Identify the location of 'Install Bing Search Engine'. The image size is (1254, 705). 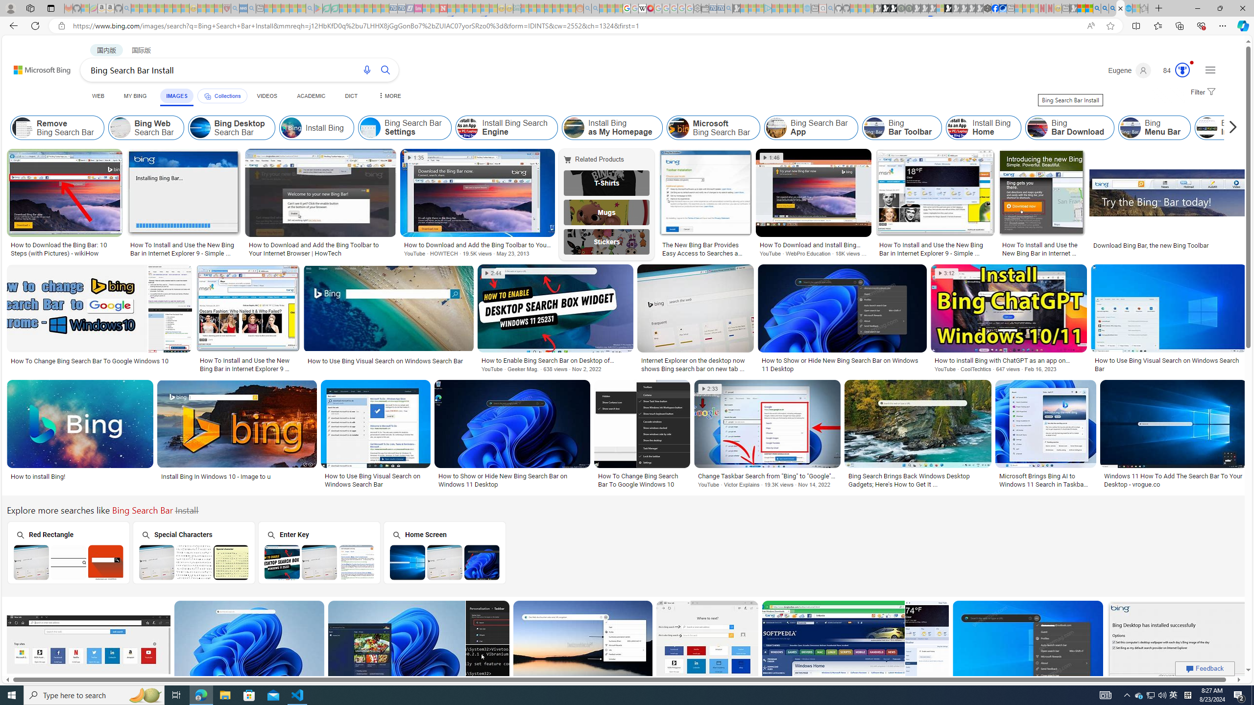
(468, 127).